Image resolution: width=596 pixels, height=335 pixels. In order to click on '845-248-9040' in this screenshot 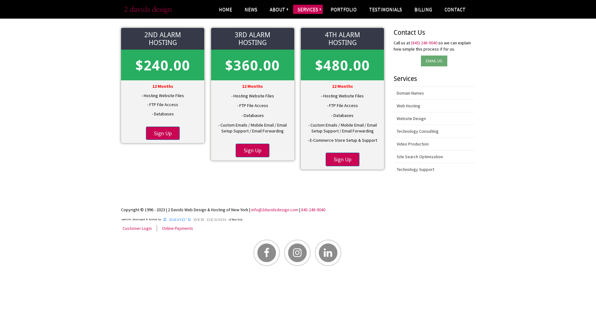, I will do `click(313, 209)`.